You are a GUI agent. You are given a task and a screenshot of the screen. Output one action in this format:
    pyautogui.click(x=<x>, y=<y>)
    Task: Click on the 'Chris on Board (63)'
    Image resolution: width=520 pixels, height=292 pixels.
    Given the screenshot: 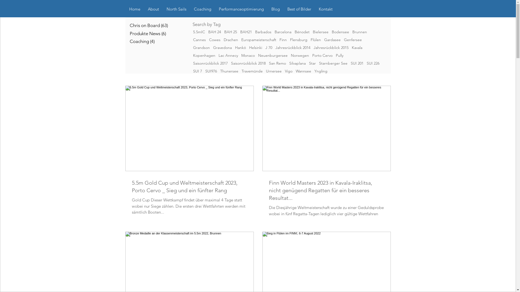 What is the action you would take?
    pyautogui.click(x=168, y=26)
    